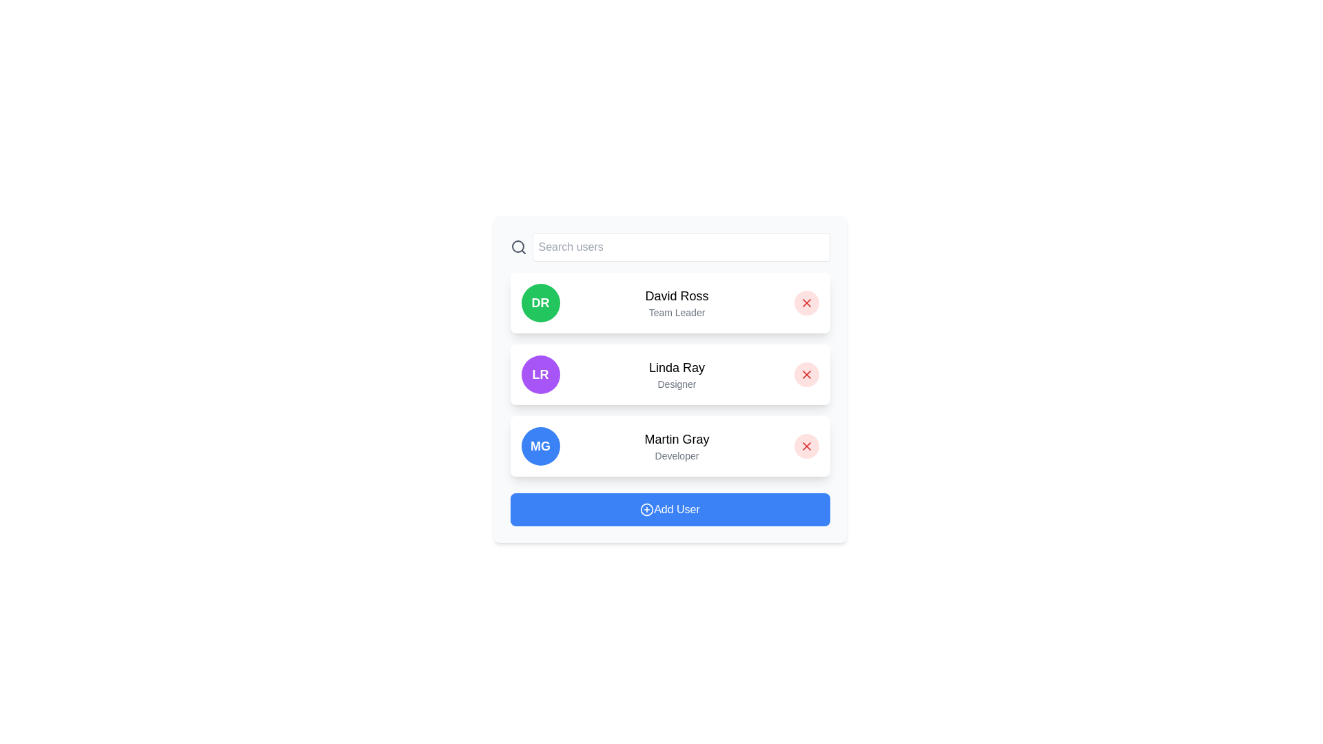  I want to click on the delete icon button associated with user 'Linda Ray', so click(806, 374).